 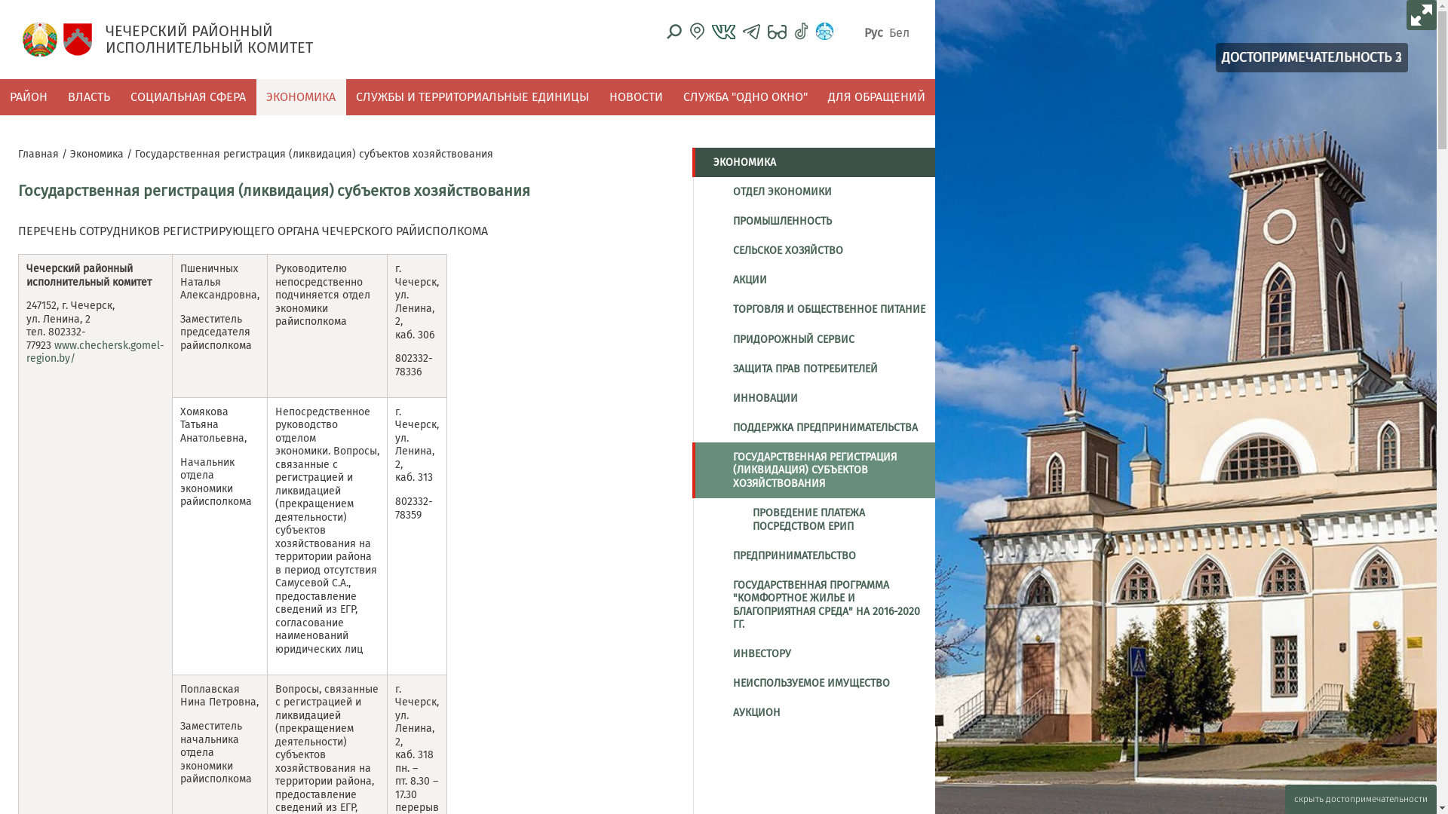 What do you see at coordinates (722, 32) in the screenshot?
I see `'VK'` at bounding box center [722, 32].